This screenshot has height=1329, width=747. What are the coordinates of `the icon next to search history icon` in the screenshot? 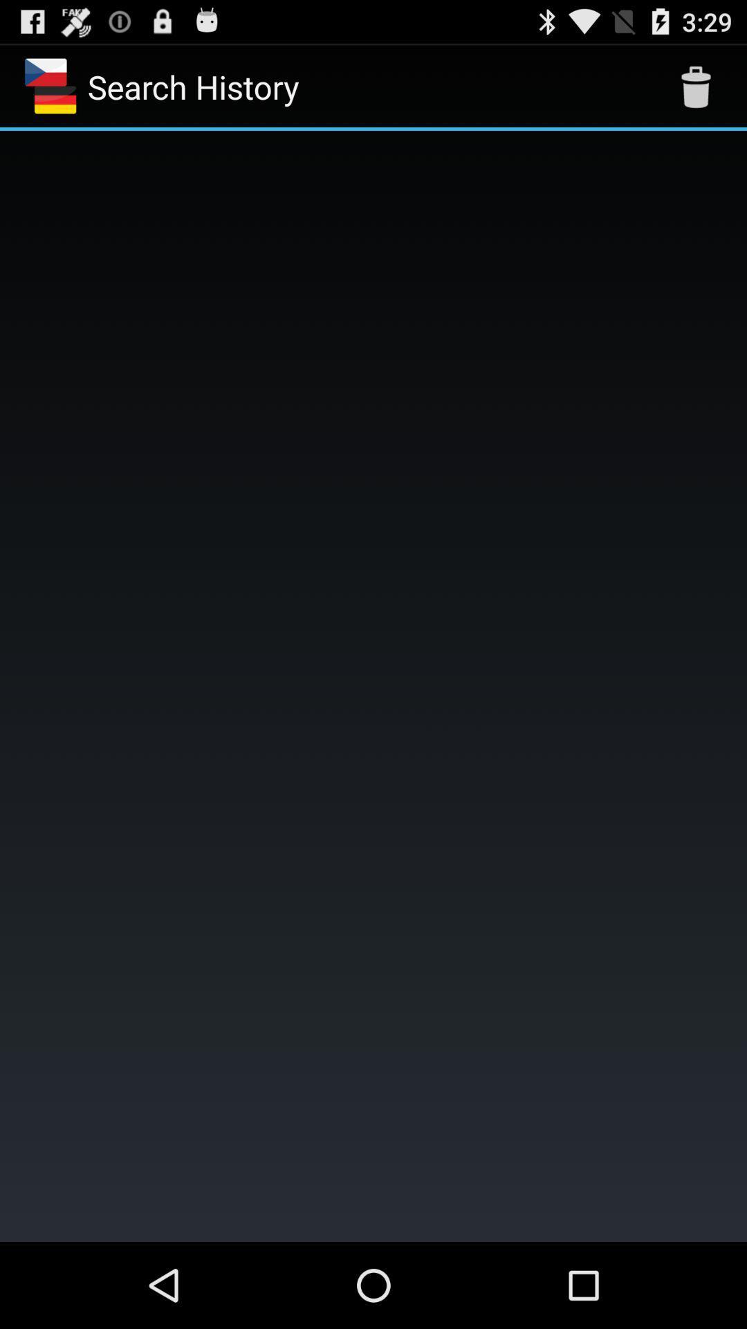 It's located at (696, 86).